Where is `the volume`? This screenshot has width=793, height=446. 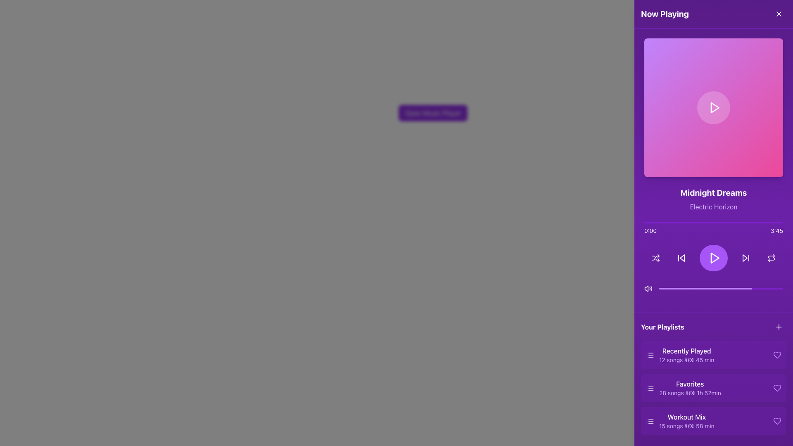
the volume is located at coordinates (755, 288).